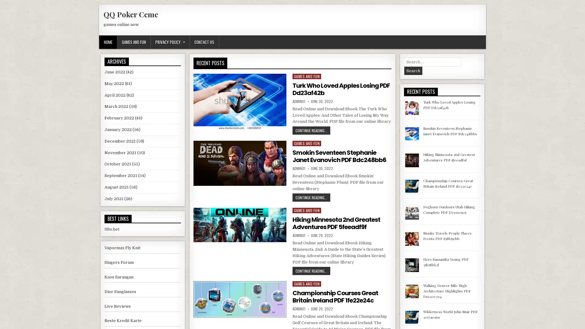 The image size is (585, 329). What do you see at coordinates (413, 70) in the screenshot?
I see `Search` at bounding box center [413, 70].